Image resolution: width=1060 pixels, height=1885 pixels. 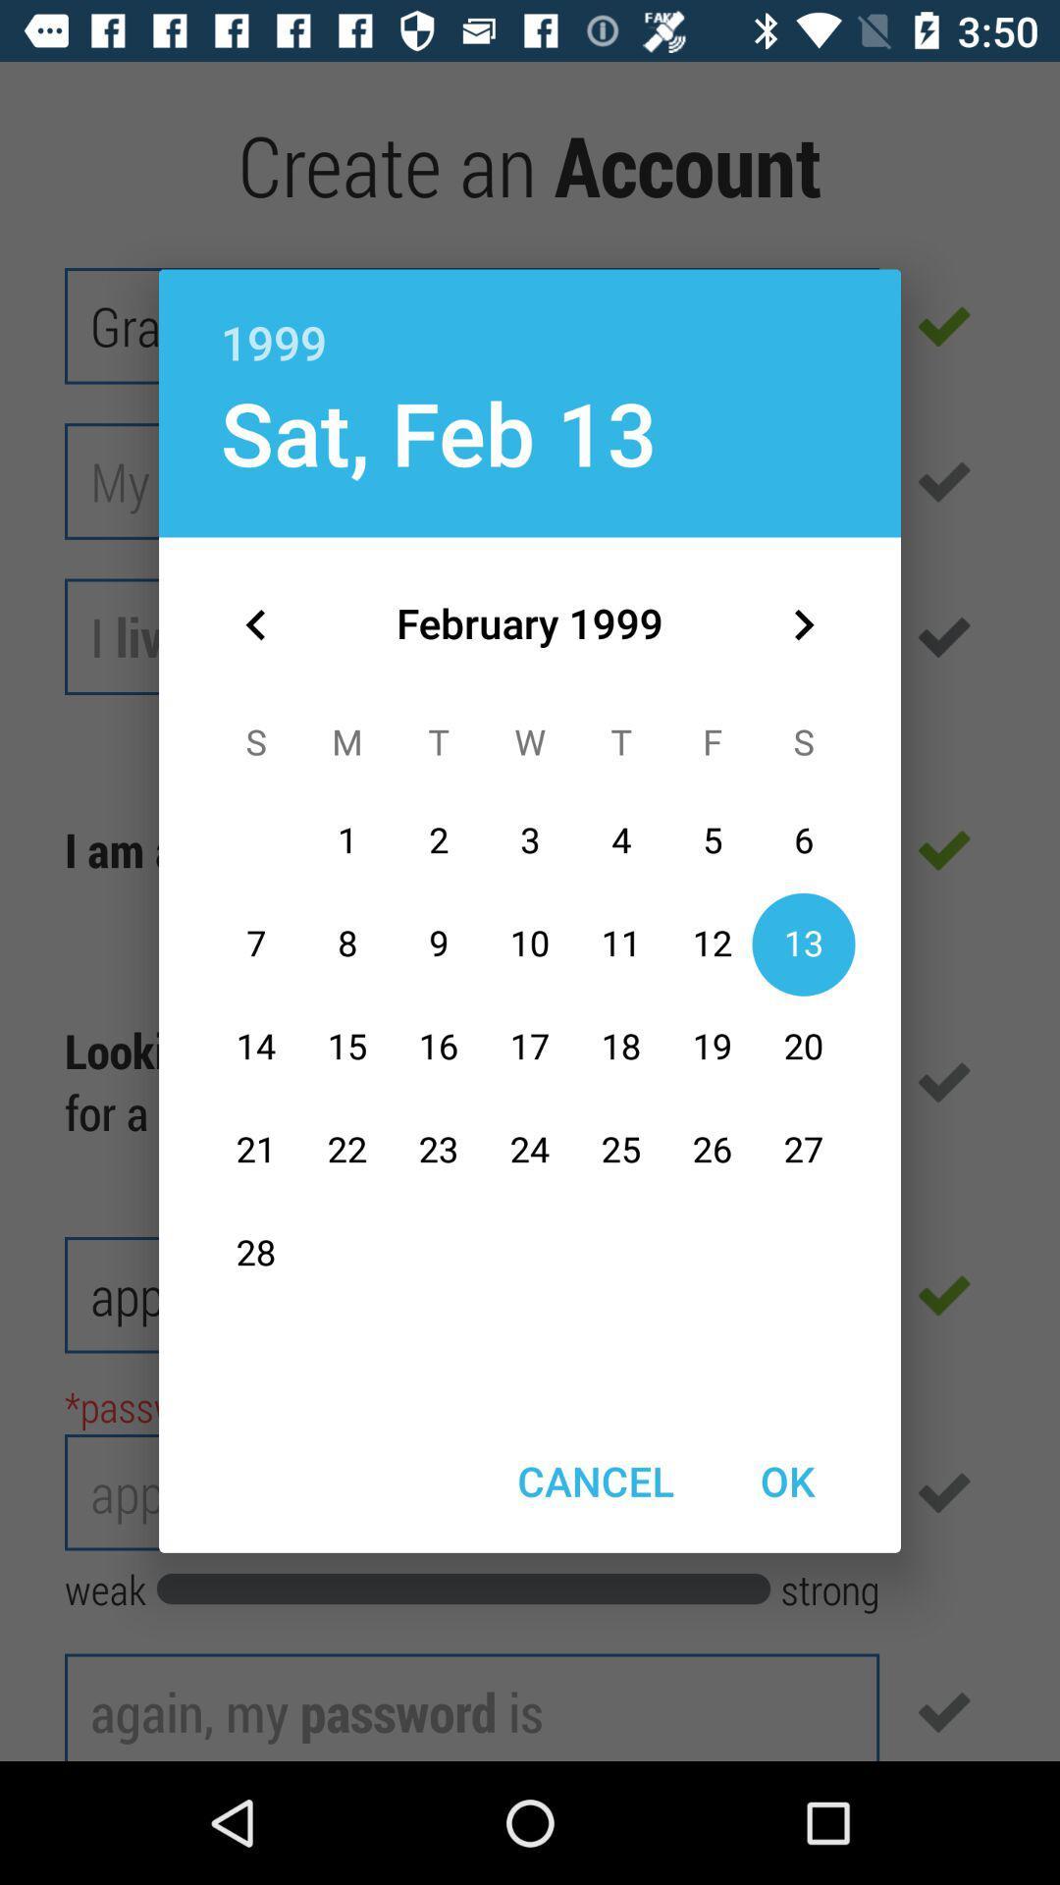 I want to click on sat, feb 13 item, so click(x=438, y=431).